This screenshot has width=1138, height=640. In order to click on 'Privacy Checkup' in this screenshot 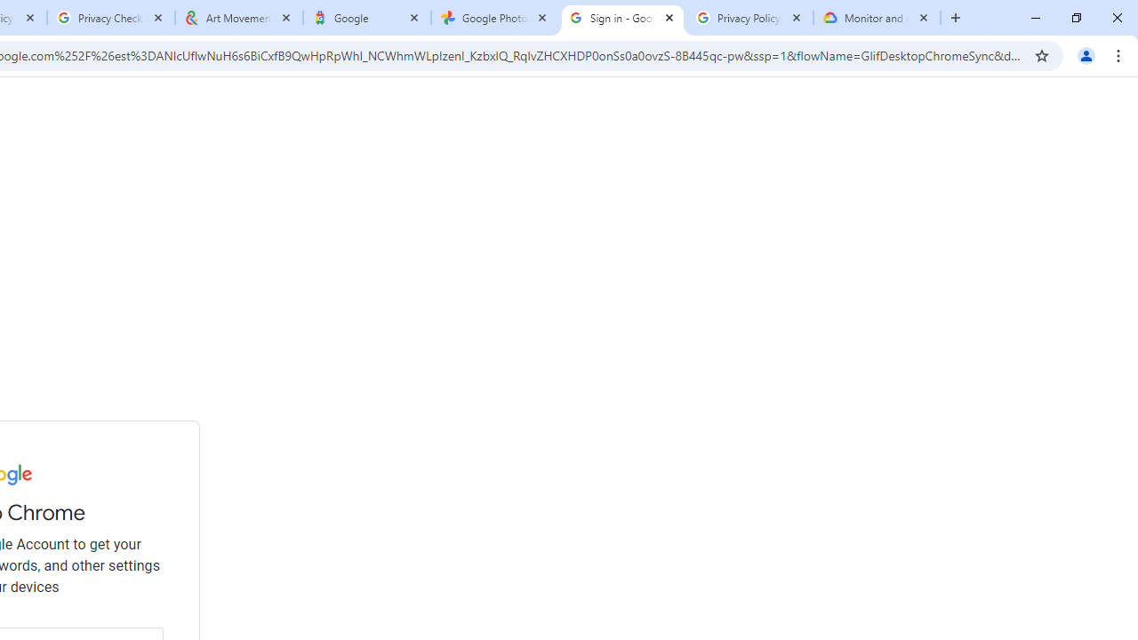, I will do `click(109, 18)`.